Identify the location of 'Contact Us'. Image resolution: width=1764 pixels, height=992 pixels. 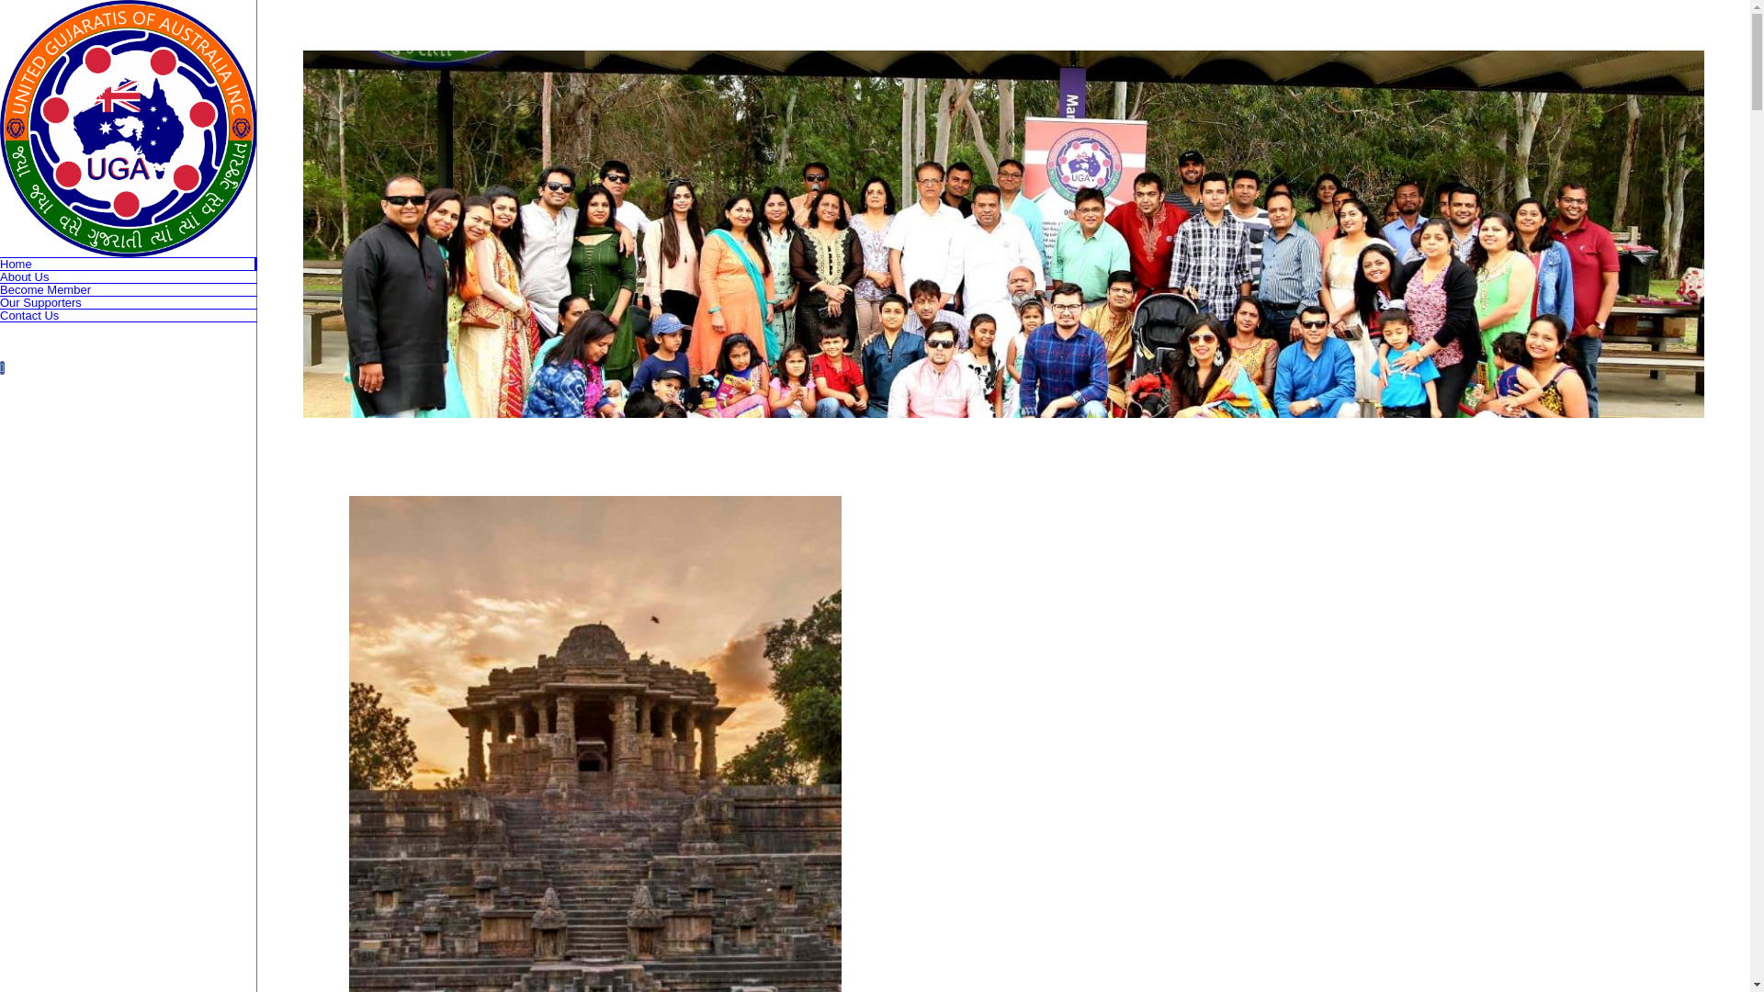
(127, 314).